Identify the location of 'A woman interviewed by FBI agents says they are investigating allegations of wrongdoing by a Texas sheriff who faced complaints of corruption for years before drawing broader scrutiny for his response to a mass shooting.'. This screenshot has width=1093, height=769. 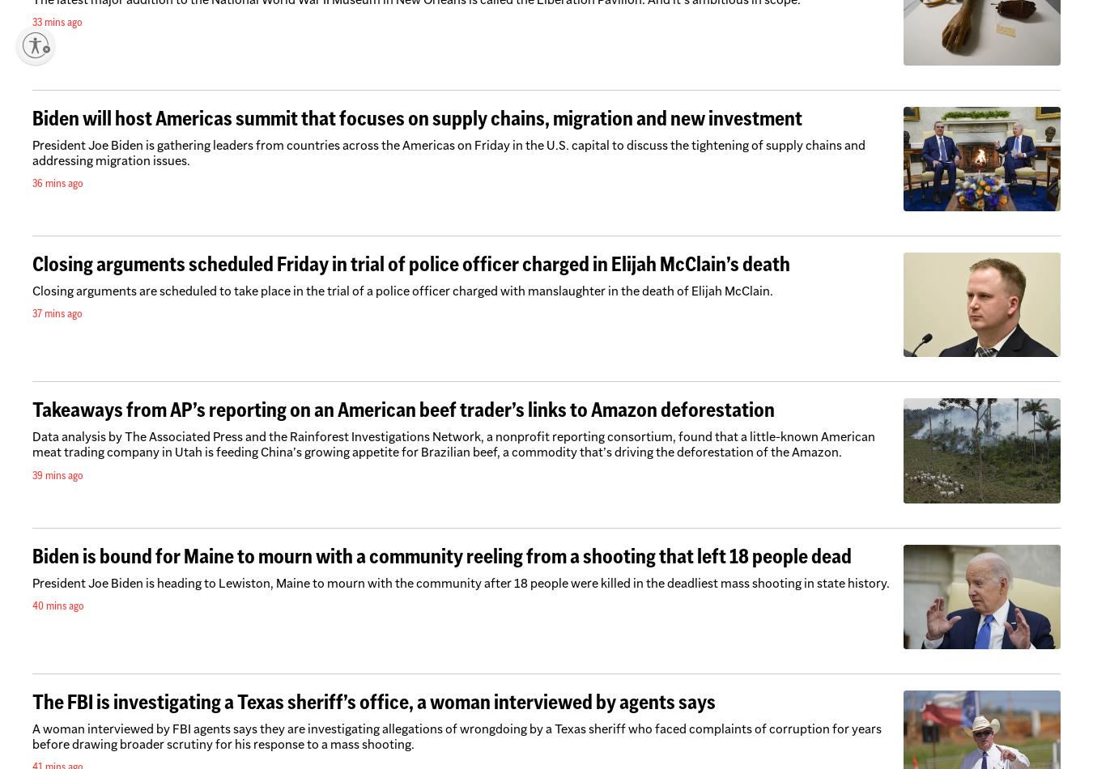
(31, 734).